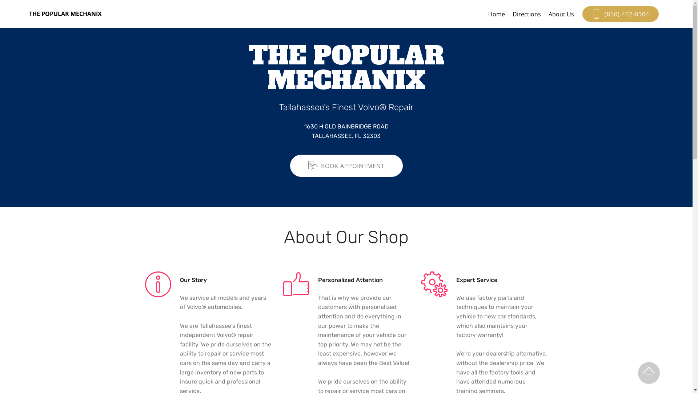 Image resolution: width=698 pixels, height=393 pixels. What do you see at coordinates (561, 14) in the screenshot?
I see `'About Us'` at bounding box center [561, 14].